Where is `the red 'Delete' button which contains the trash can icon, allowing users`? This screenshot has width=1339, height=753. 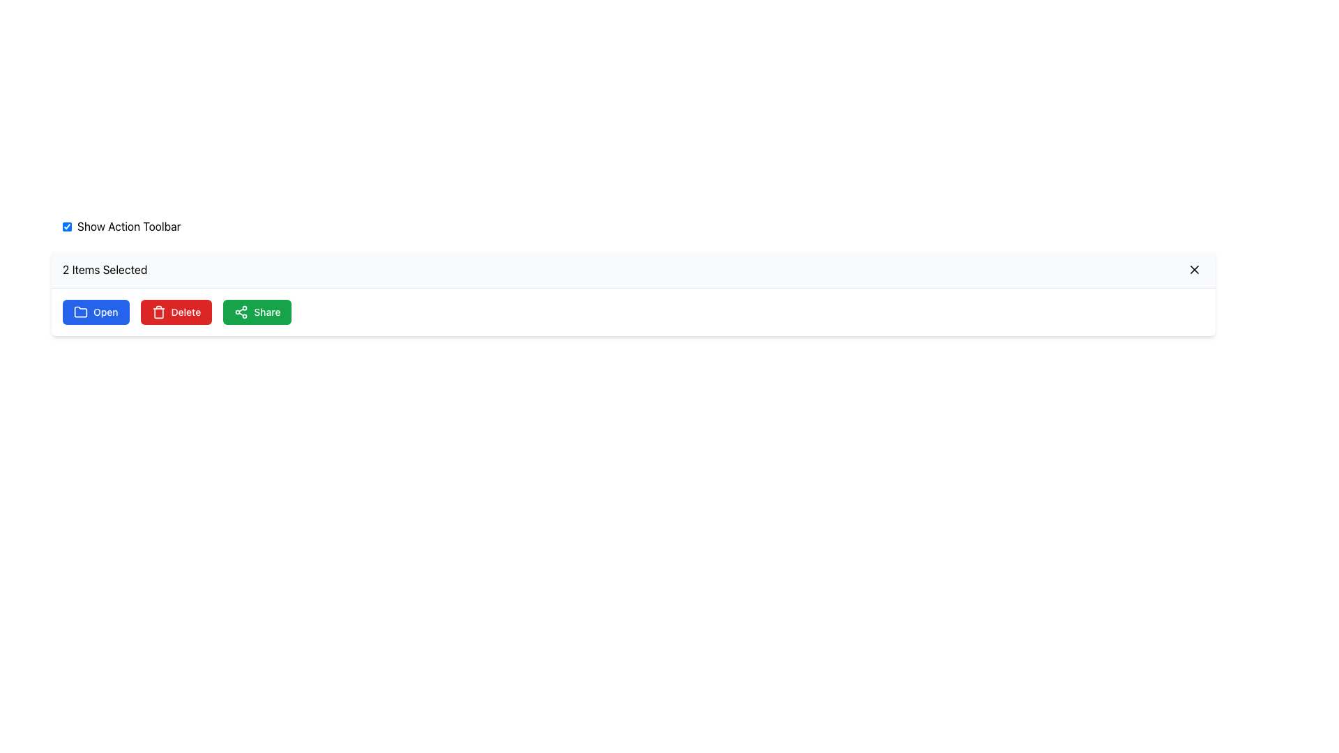
the red 'Delete' button which contains the trash can icon, allowing users is located at coordinates (158, 311).